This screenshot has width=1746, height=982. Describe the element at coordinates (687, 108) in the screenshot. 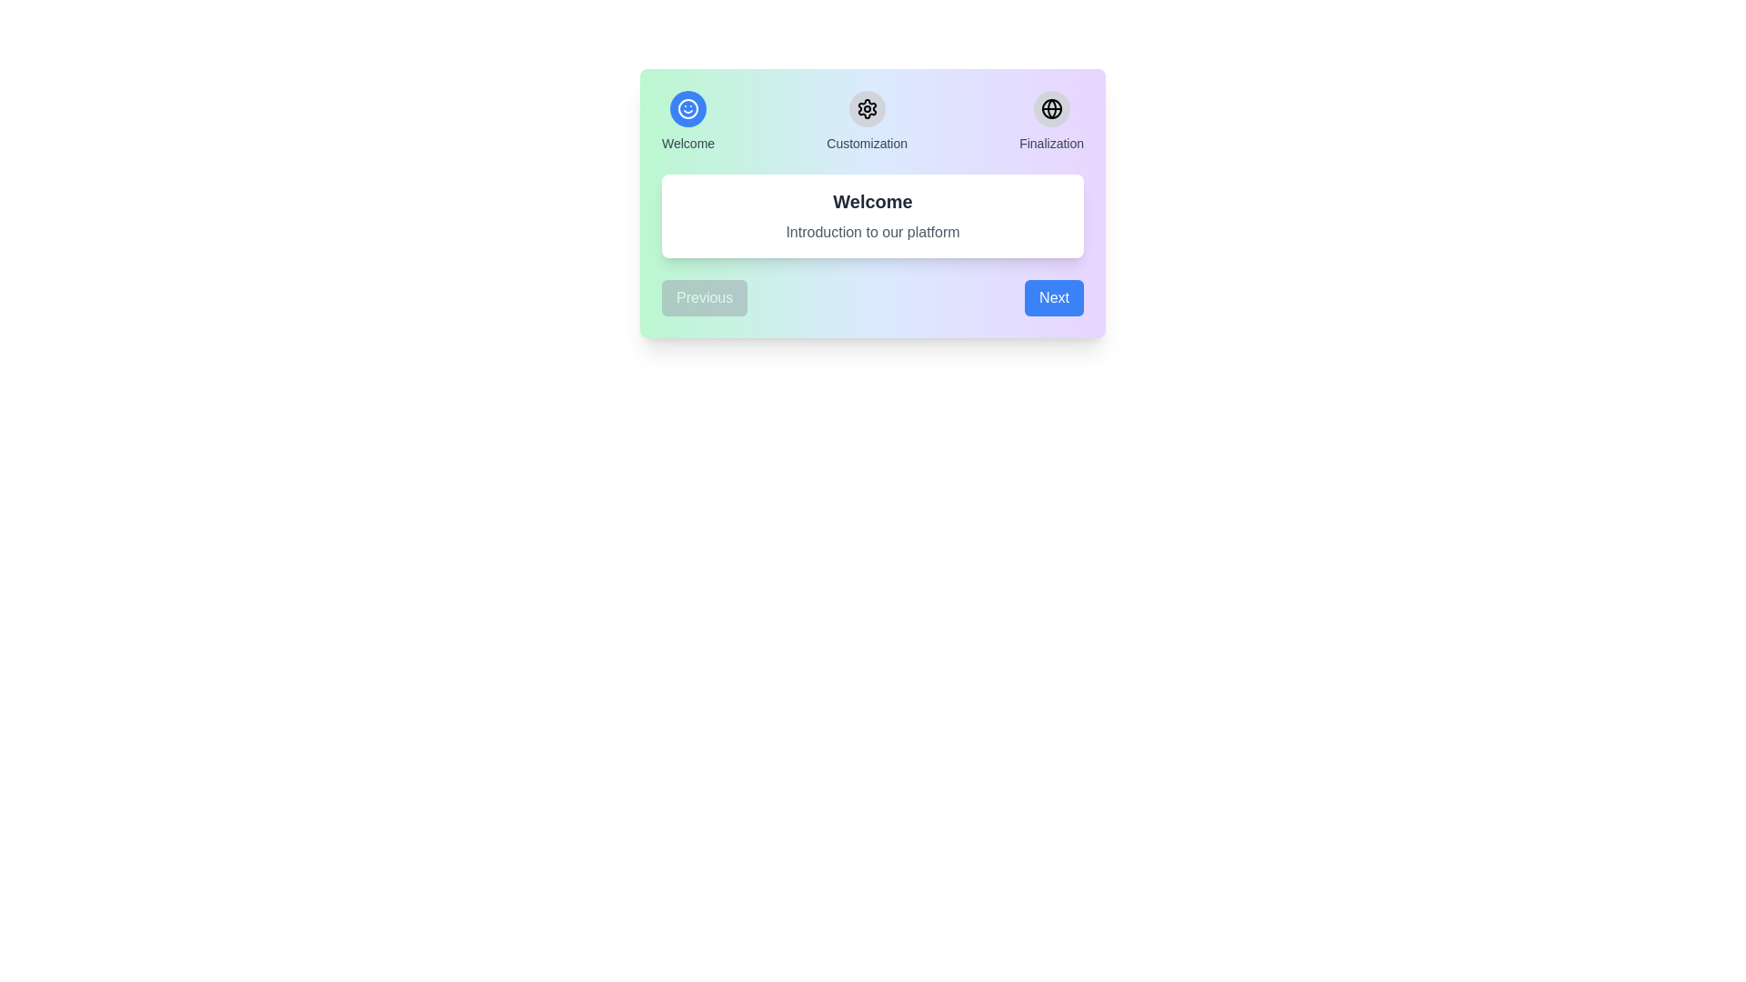

I see `the content associated with the Welcome icon` at that location.